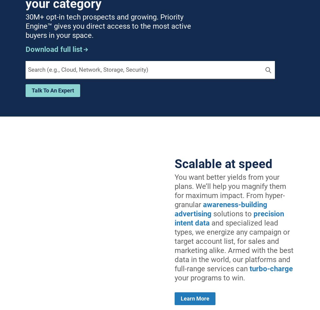  Describe the element at coordinates (174, 245) in the screenshot. I see `'and specialized lead types, we energize any campaign or target account list, for sales and marketing alike. Armed with the best data in the world, our platforms and full-range services can'` at that location.